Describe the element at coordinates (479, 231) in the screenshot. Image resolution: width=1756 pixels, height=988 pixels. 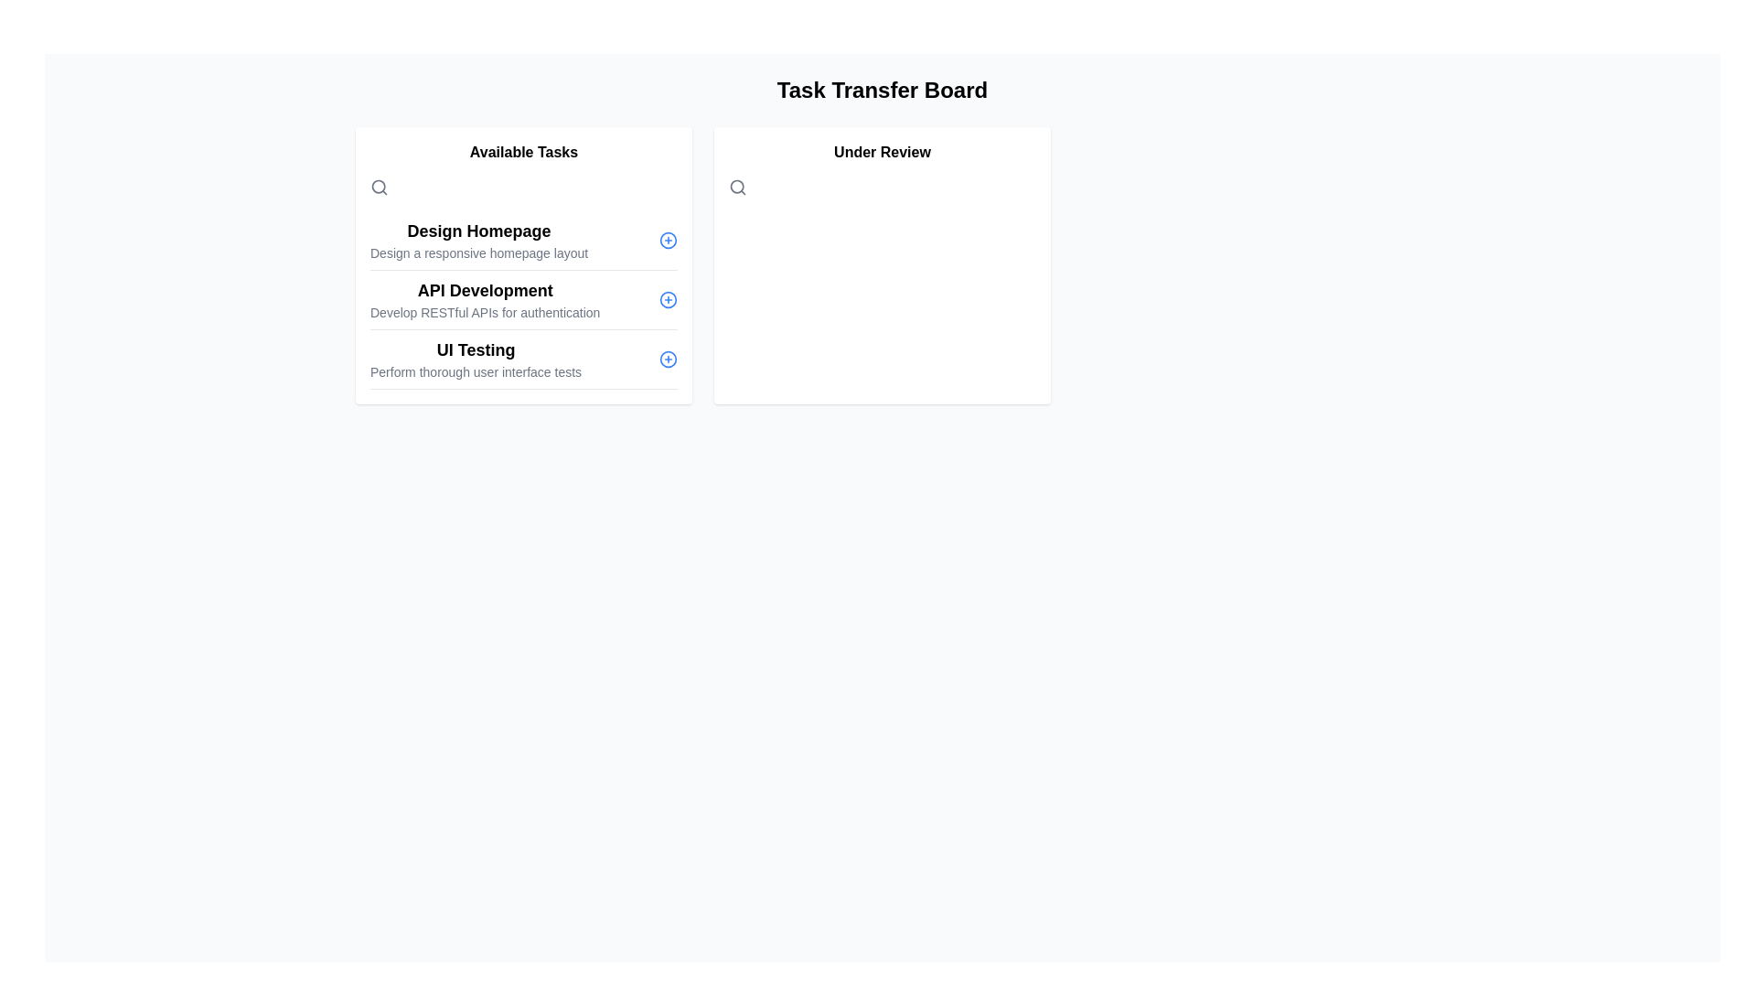
I see `text content of the Text label indicating the title of a task in the 'Available Tasks' section, which is the first item in the list above 'Design a responsive homepage layout.'` at that location.